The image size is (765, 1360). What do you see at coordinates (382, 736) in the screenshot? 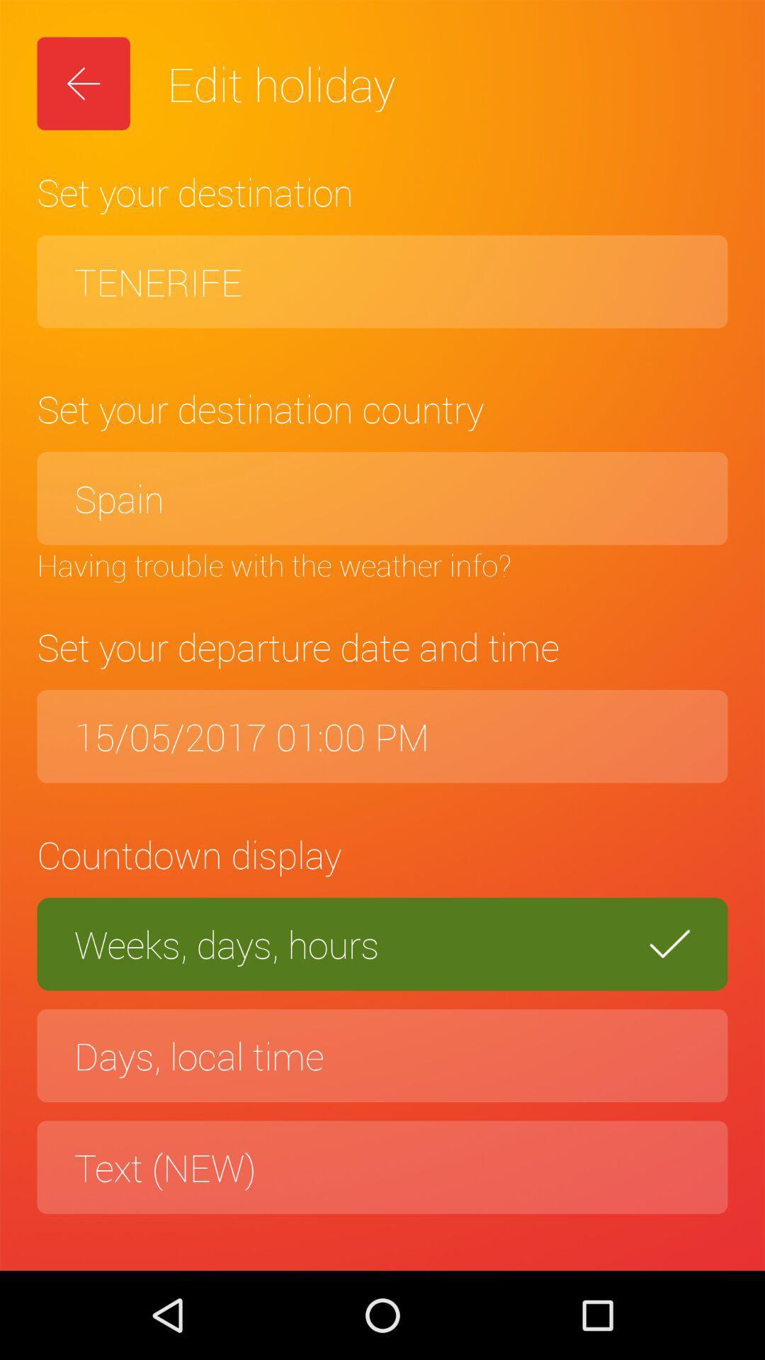
I see `the item above countdown display icon` at bounding box center [382, 736].